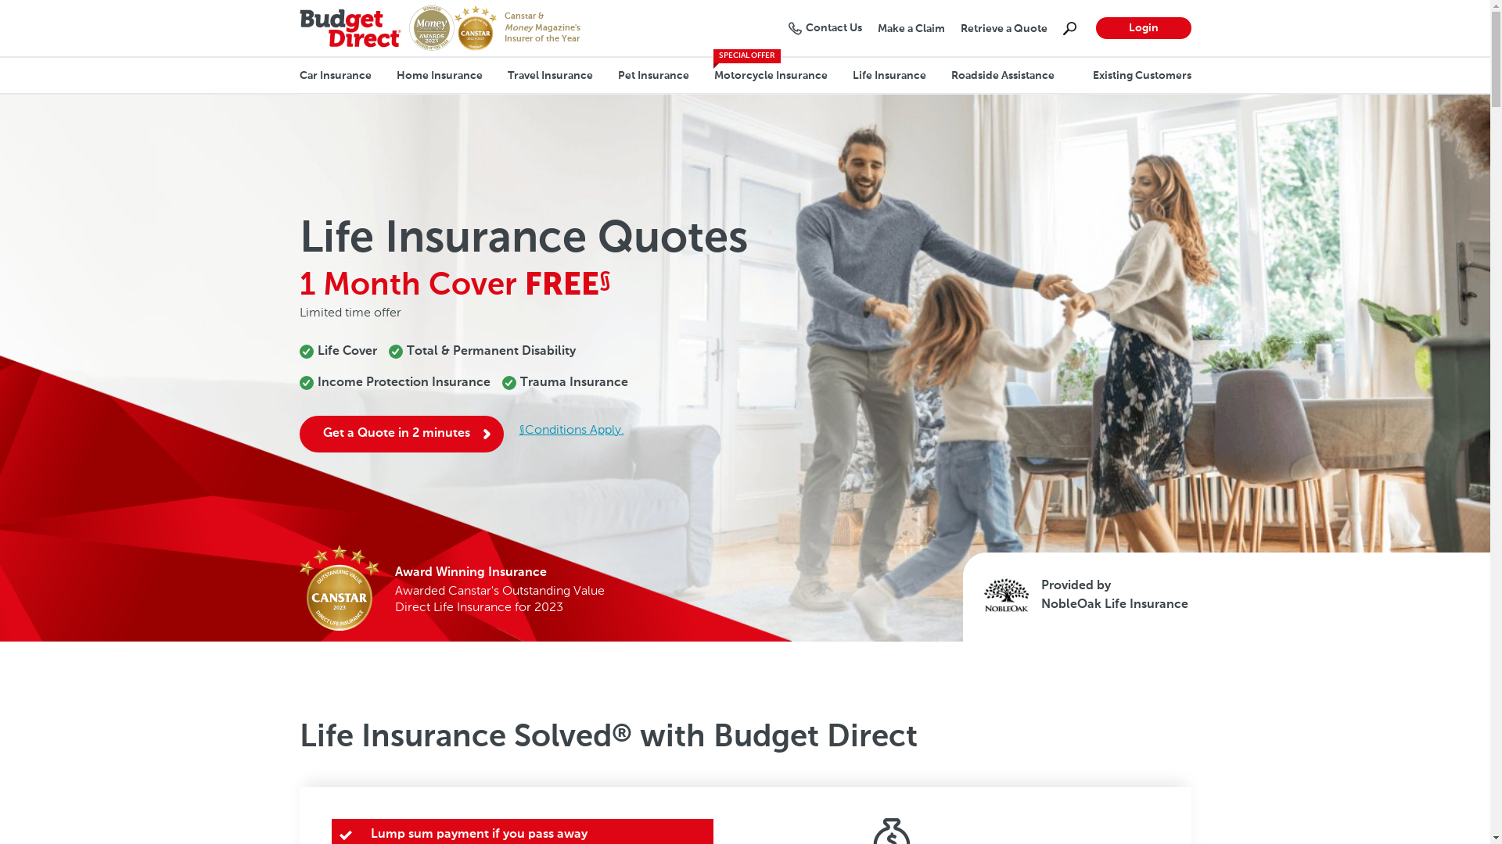  What do you see at coordinates (549, 76) in the screenshot?
I see `'Travel Insurance'` at bounding box center [549, 76].